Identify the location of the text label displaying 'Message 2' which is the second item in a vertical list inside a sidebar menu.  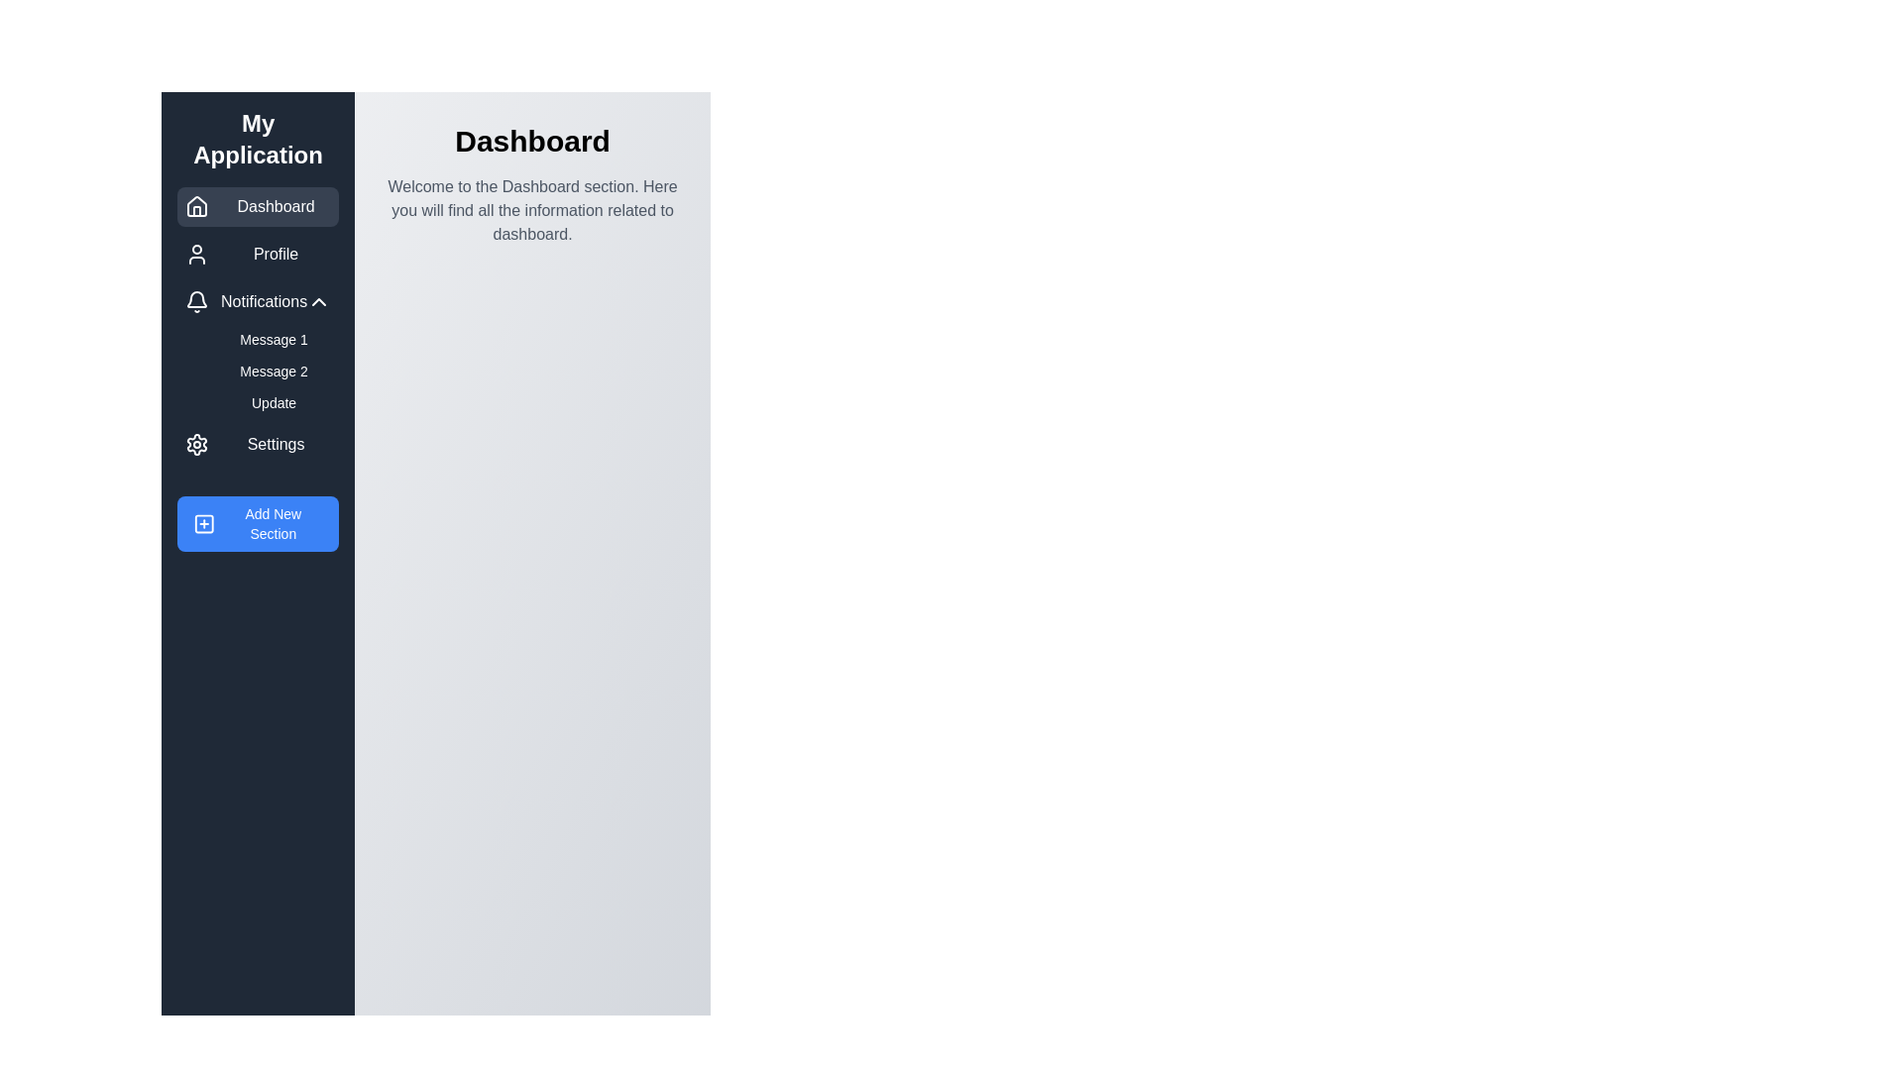
(273, 371).